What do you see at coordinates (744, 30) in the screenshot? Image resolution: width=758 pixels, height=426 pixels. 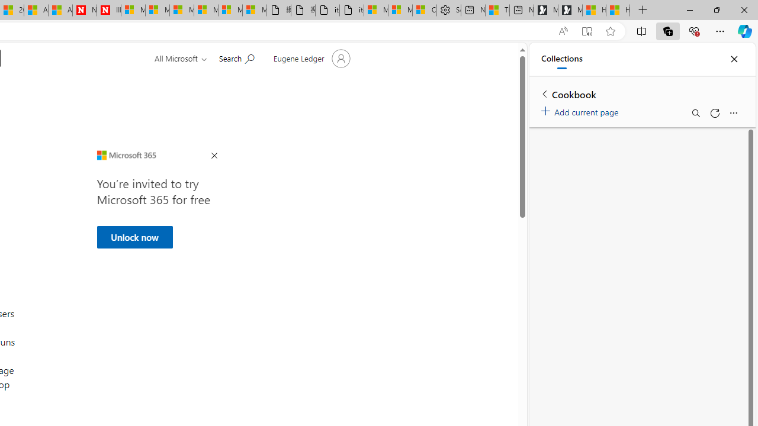 I see `'Copilot (Ctrl+Shift+.)'` at bounding box center [744, 30].